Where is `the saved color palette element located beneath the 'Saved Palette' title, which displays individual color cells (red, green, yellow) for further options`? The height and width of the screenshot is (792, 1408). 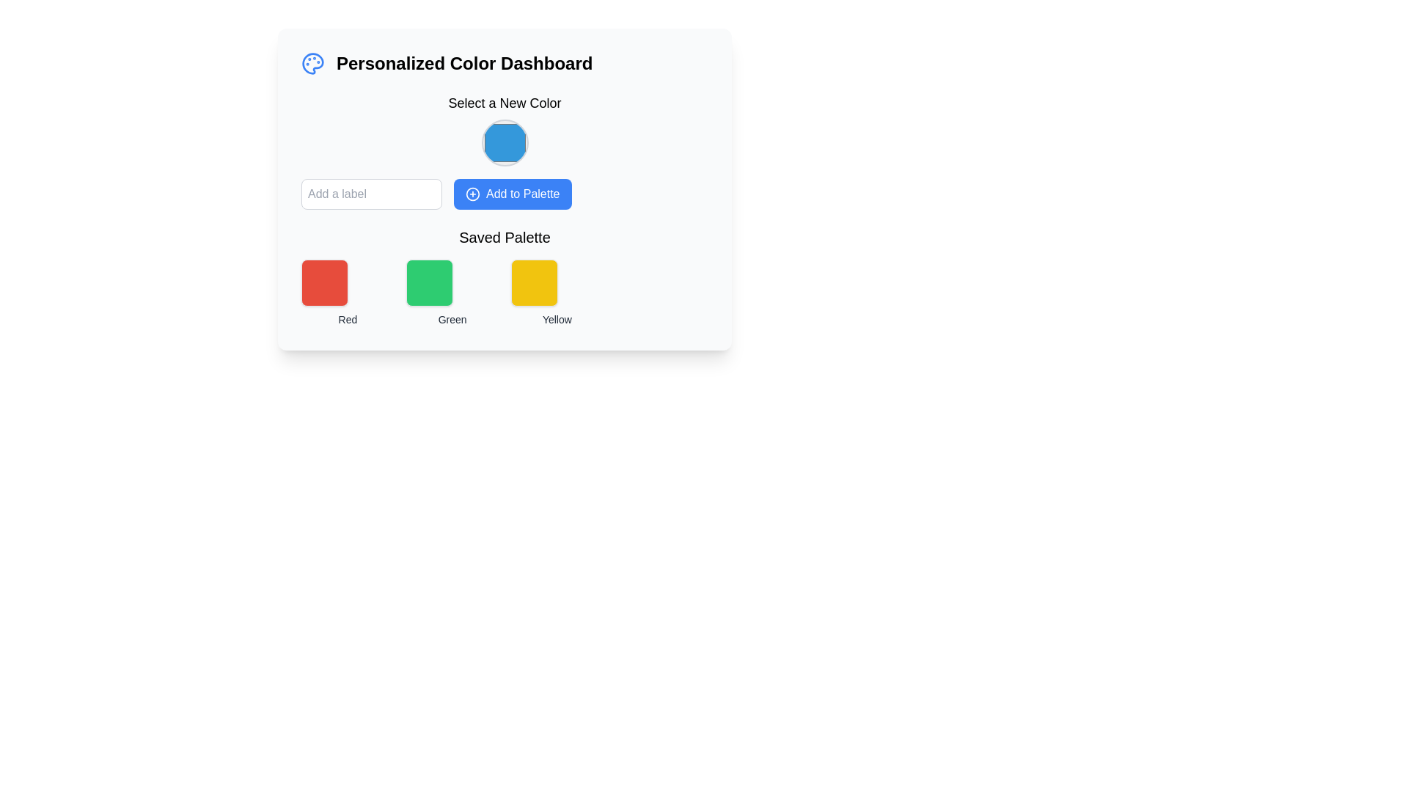
the saved color palette element located beneath the 'Saved Palette' title, which displays individual color cells (red, green, yellow) for further options is located at coordinates (505, 293).